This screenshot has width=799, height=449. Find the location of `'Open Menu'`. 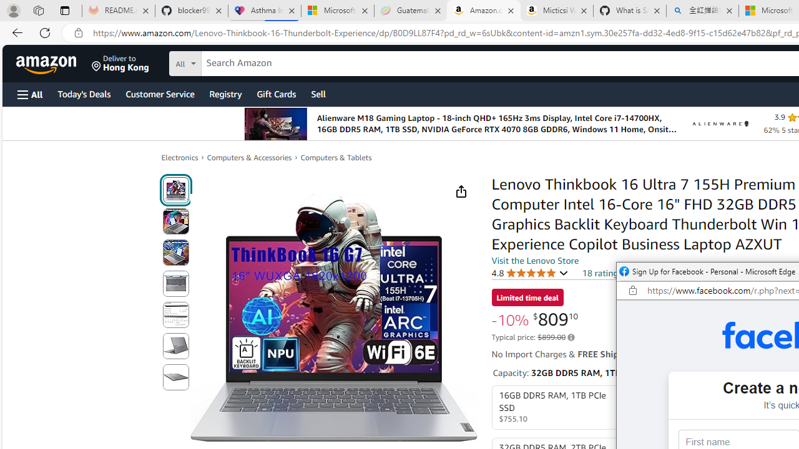

'Open Menu' is located at coordinates (30, 94).